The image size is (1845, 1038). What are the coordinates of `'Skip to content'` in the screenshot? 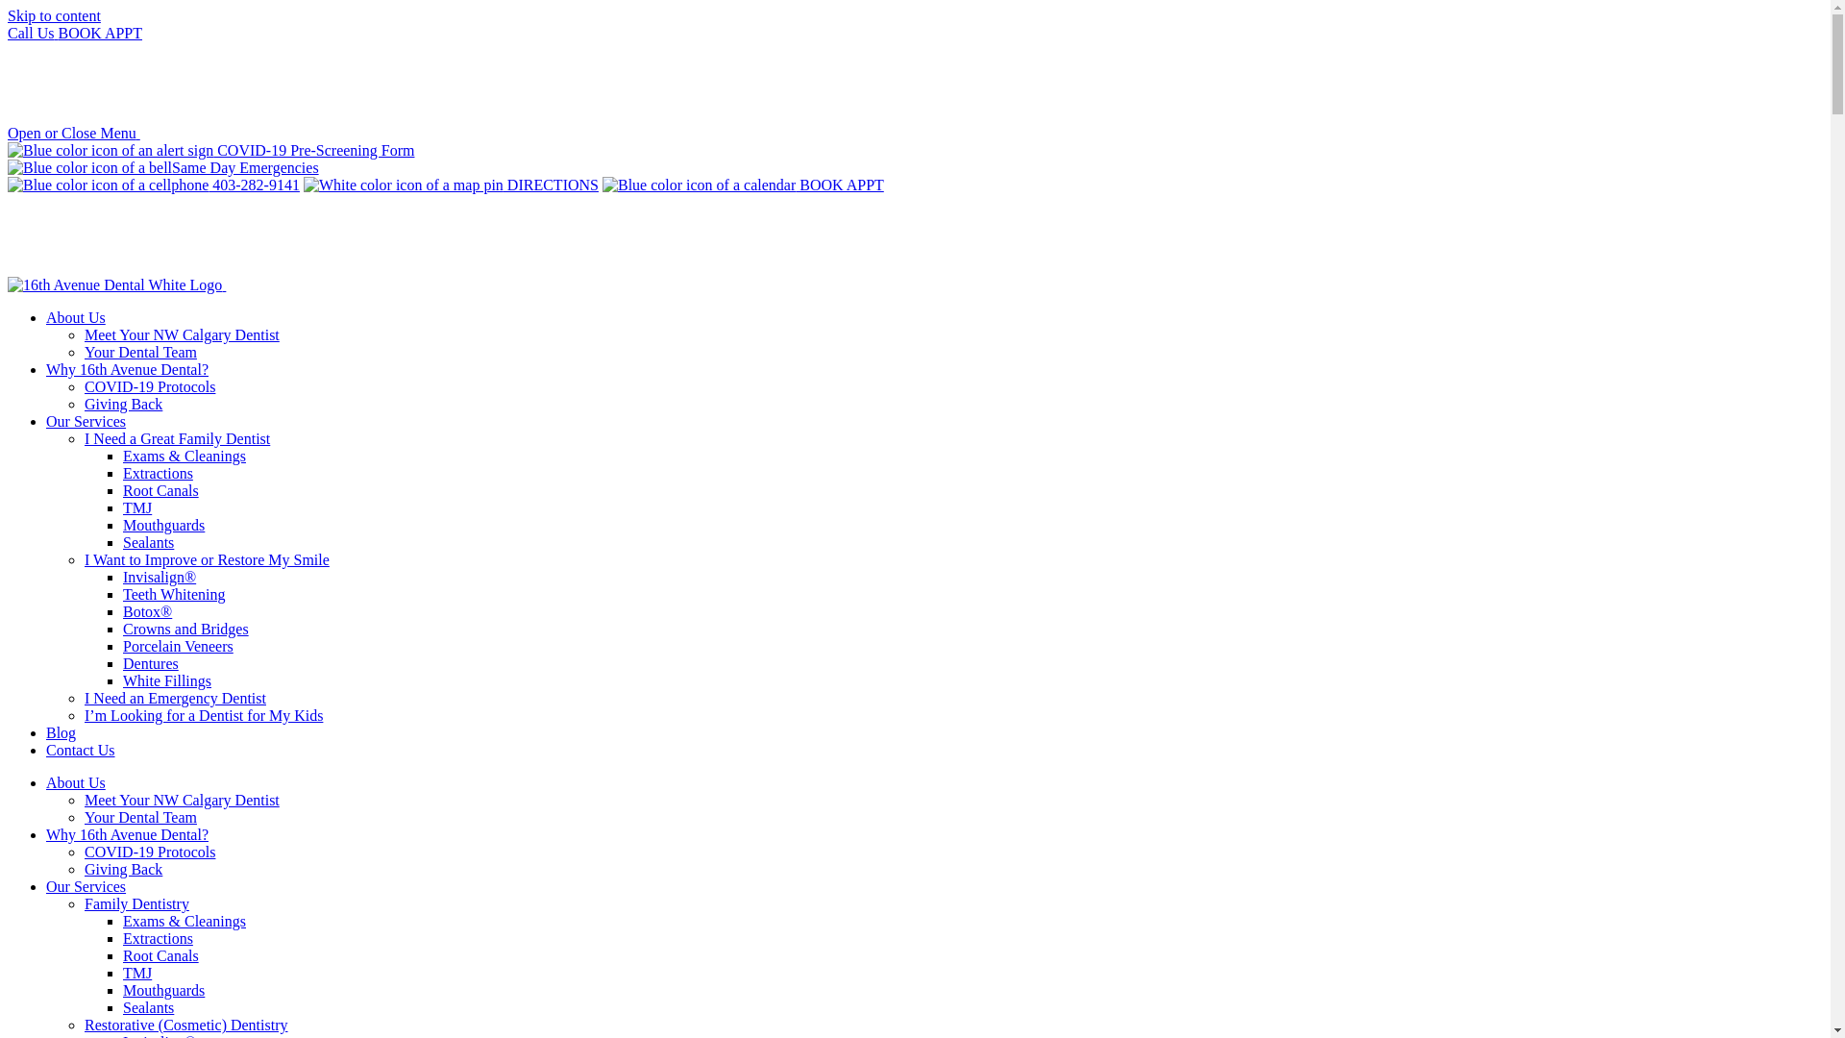 It's located at (54, 15).